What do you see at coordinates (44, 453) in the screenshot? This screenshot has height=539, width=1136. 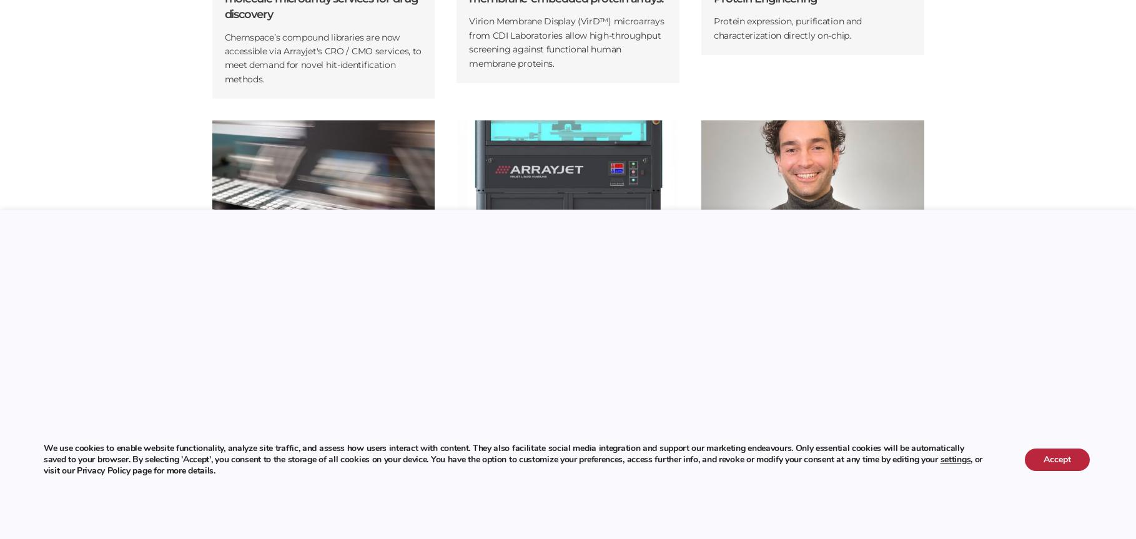 I see `'We use cookies to enable website functionality, analyze site traffic, and assess how users interact with content. They also facilitate social media integration and support our marketing endeavours. Only essential cookies will be automatically saved to your browser. By selecting 'Accept', you consent to the storage of all cookies on your device. You have the option to customize your preferences, access further info, and revoke or modify your consent at any time by editing your'` at bounding box center [44, 453].